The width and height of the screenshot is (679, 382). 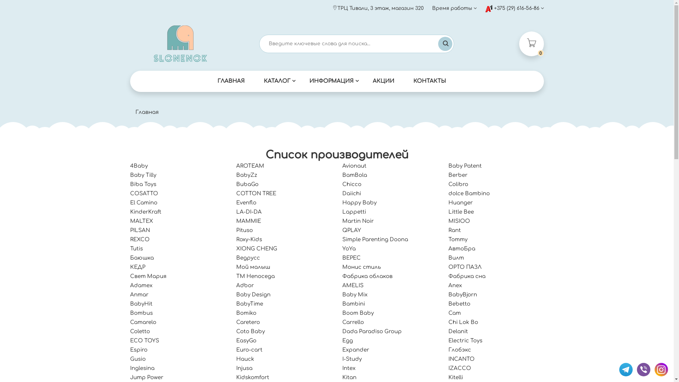 What do you see at coordinates (342, 377) in the screenshot?
I see `'Kitan'` at bounding box center [342, 377].